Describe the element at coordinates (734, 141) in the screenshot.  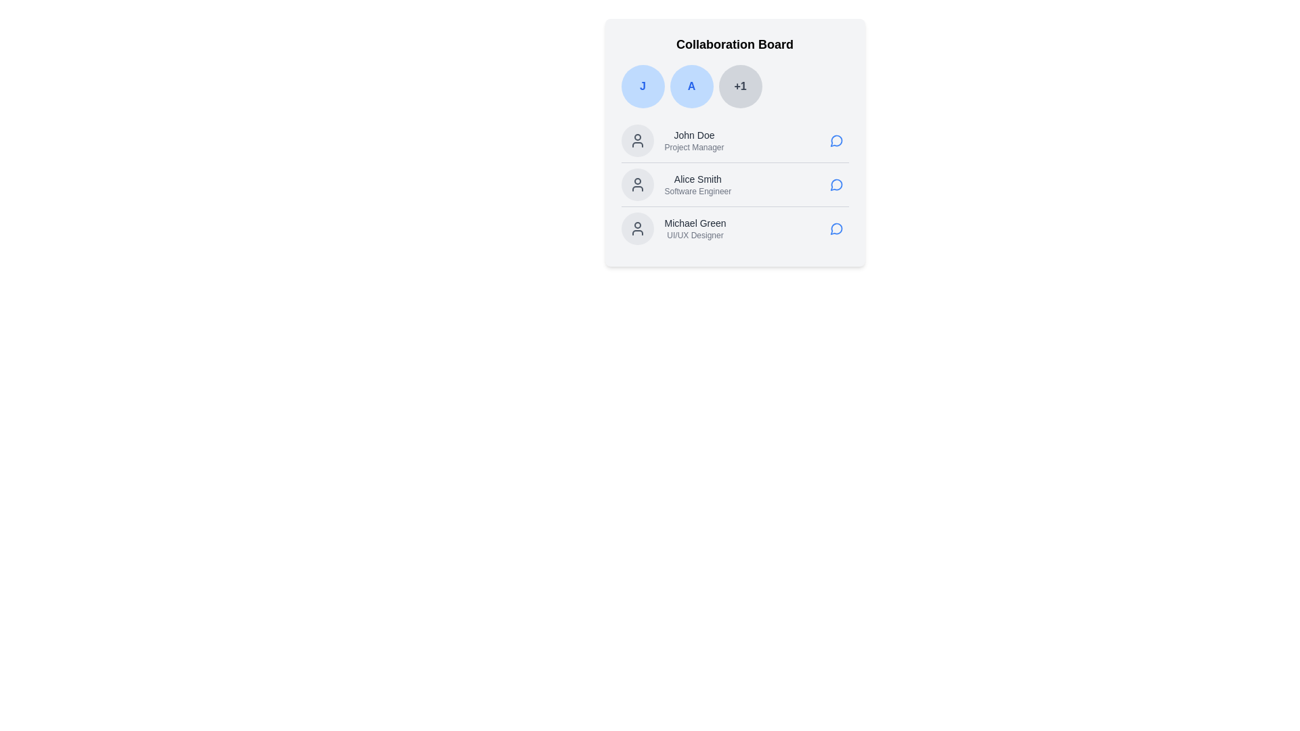
I see `role designation 'Project Manager' of the list entry for 'John Doe', the first entry in the team members' list on the collaboration board` at that location.